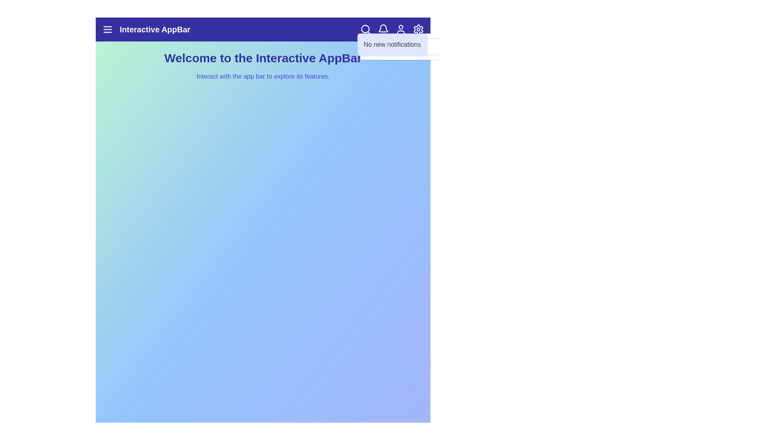 The width and height of the screenshot is (766, 431). Describe the element at coordinates (392, 44) in the screenshot. I see `the 'No new notifications' message to inspect it` at that location.